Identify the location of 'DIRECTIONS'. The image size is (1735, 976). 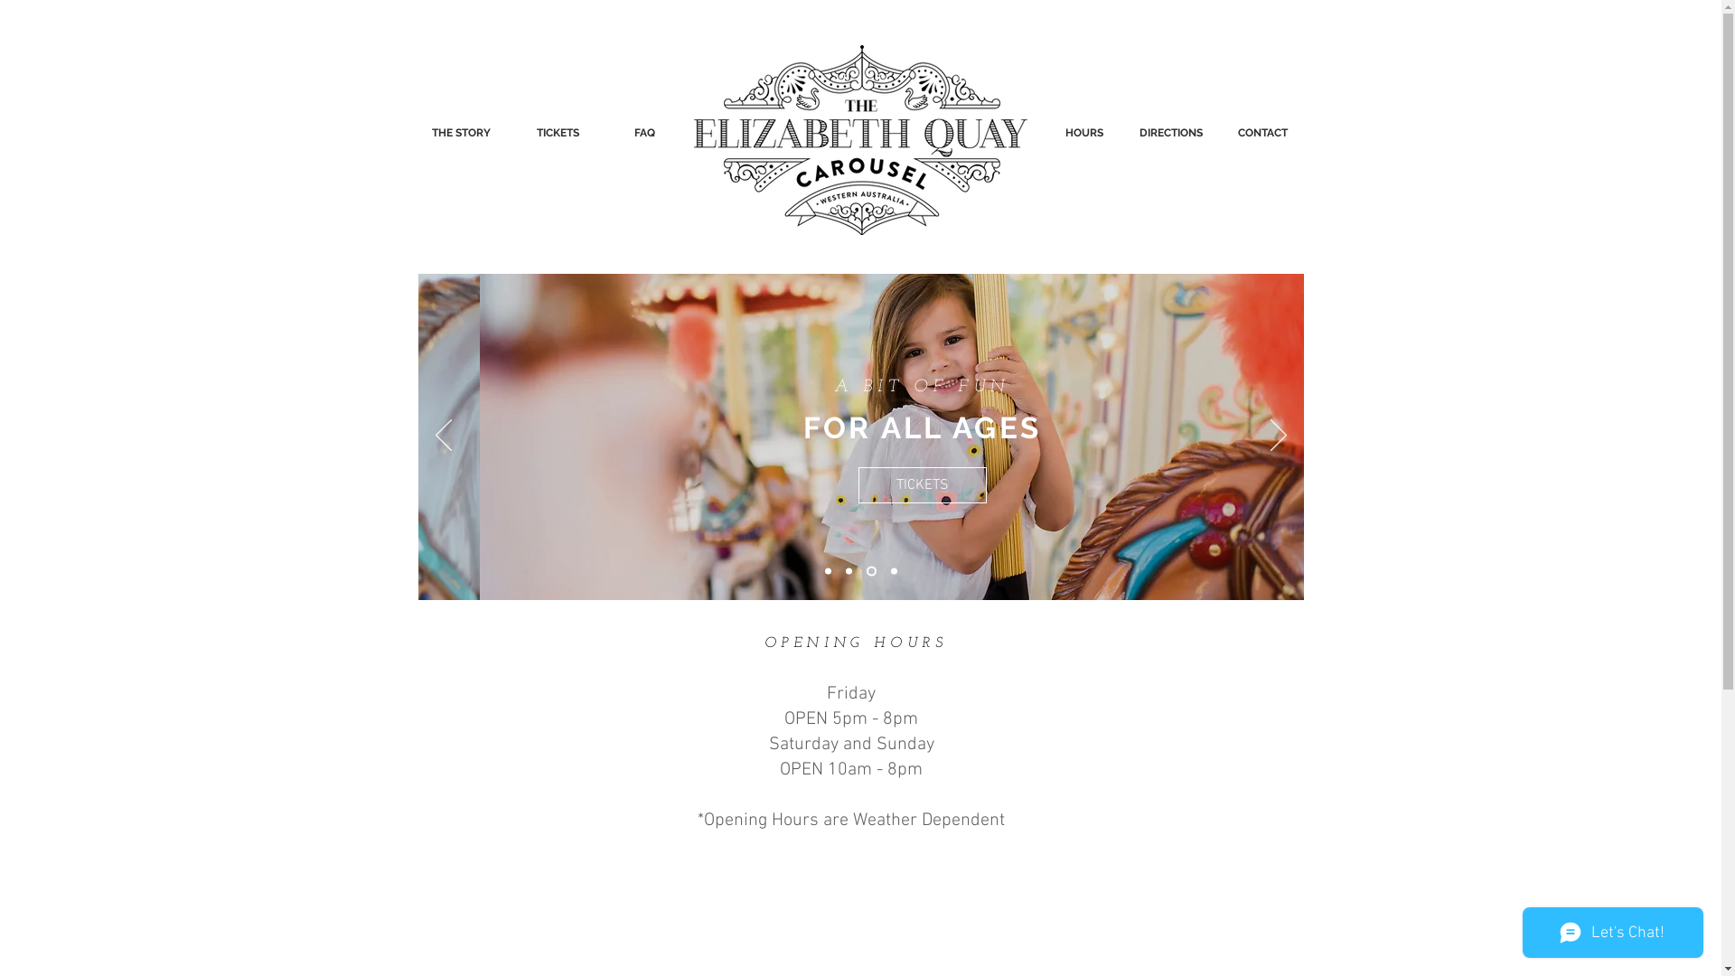
(1171, 131).